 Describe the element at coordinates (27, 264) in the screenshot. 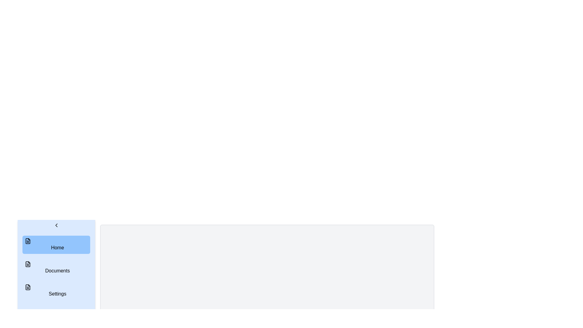

I see `the document file icon located in the second entry of the vertical navigation menu, positioned between 'Home' and 'Settings'` at that location.